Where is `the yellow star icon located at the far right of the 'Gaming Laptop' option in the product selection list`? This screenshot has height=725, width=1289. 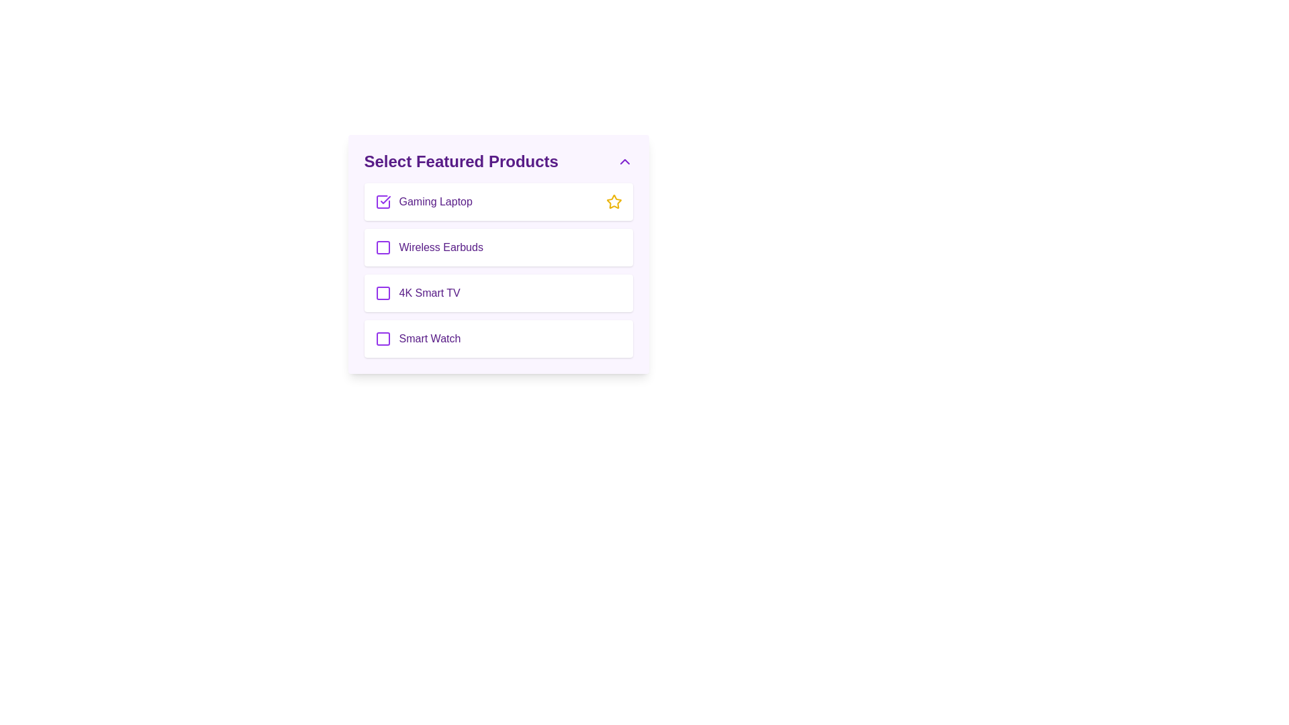 the yellow star icon located at the far right of the 'Gaming Laptop' option in the product selection list is located at coordinates (613, 201).